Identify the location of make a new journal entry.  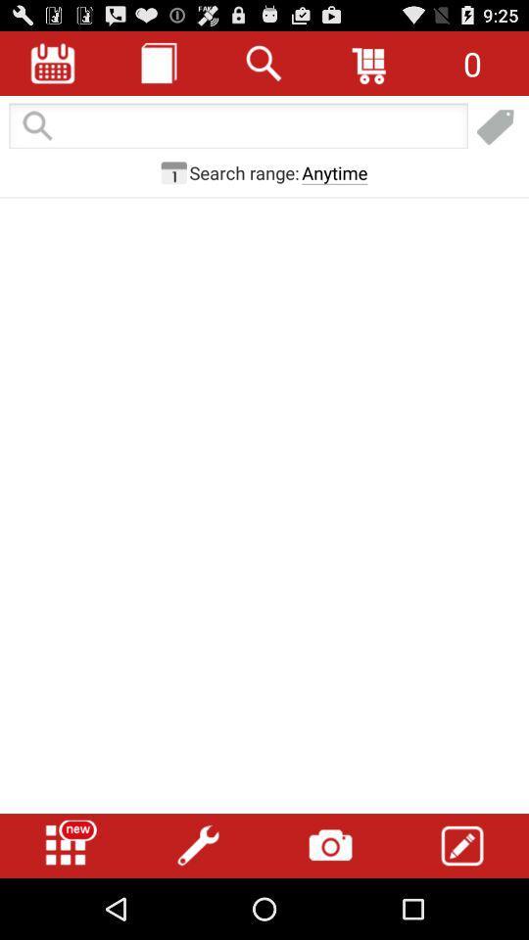
(495, 126).